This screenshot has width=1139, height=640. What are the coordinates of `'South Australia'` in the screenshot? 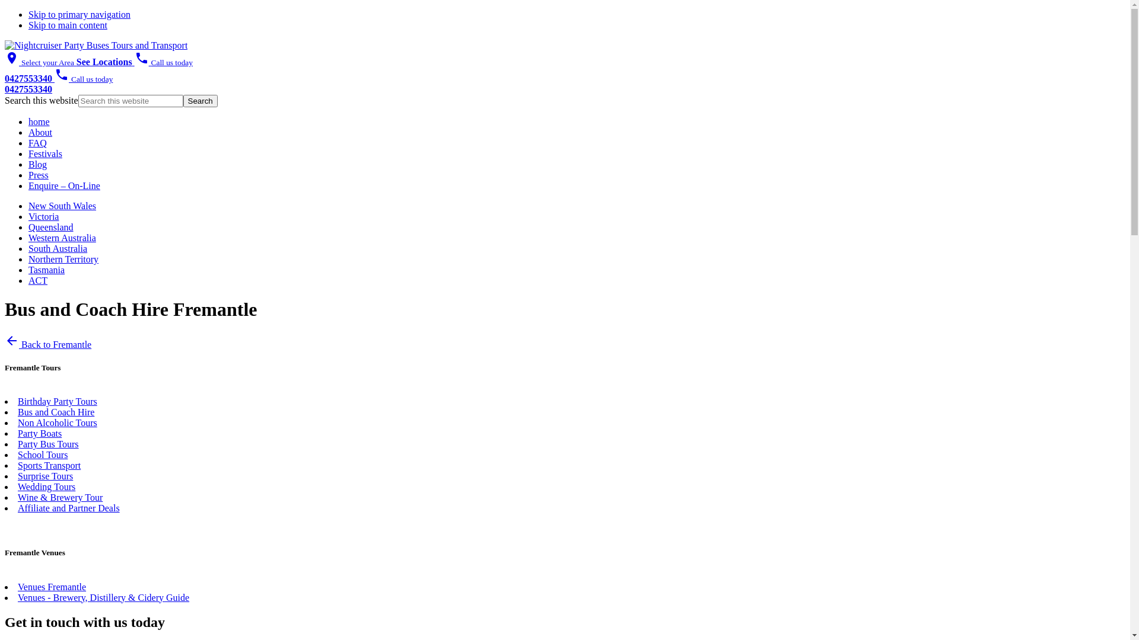 It's located at (57, 248).